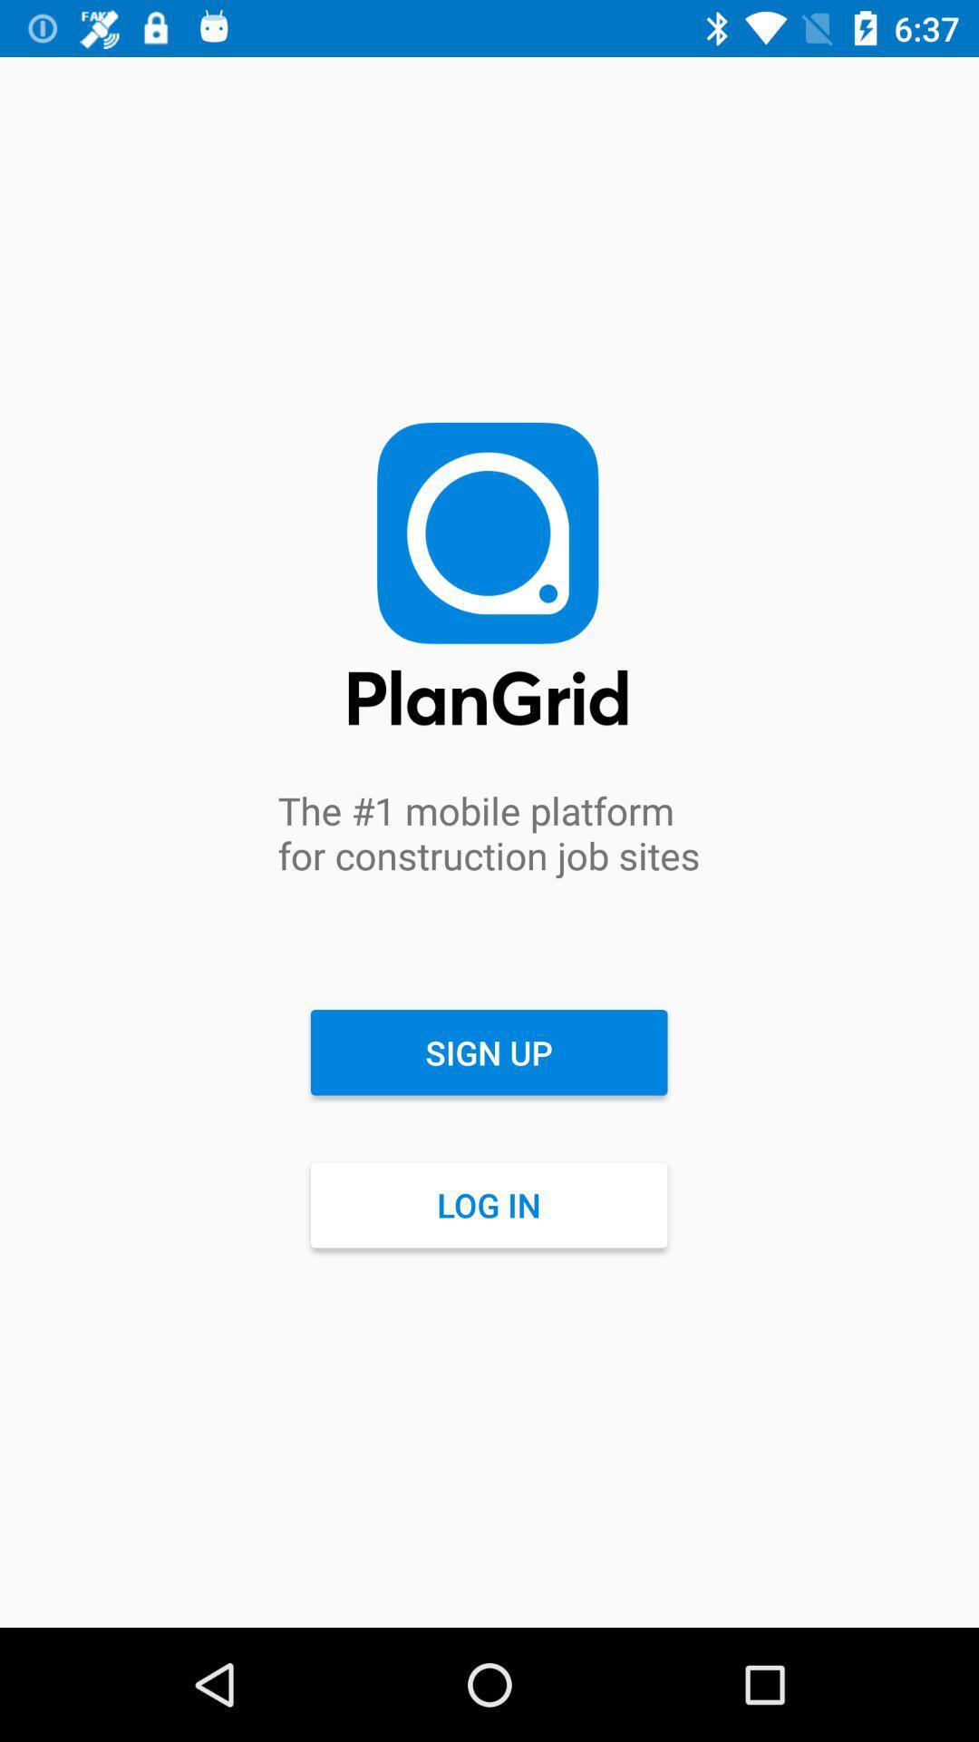 The height and width of the screenshot is (1742, 979). I want to click on log in icon, so click(488, 1205).